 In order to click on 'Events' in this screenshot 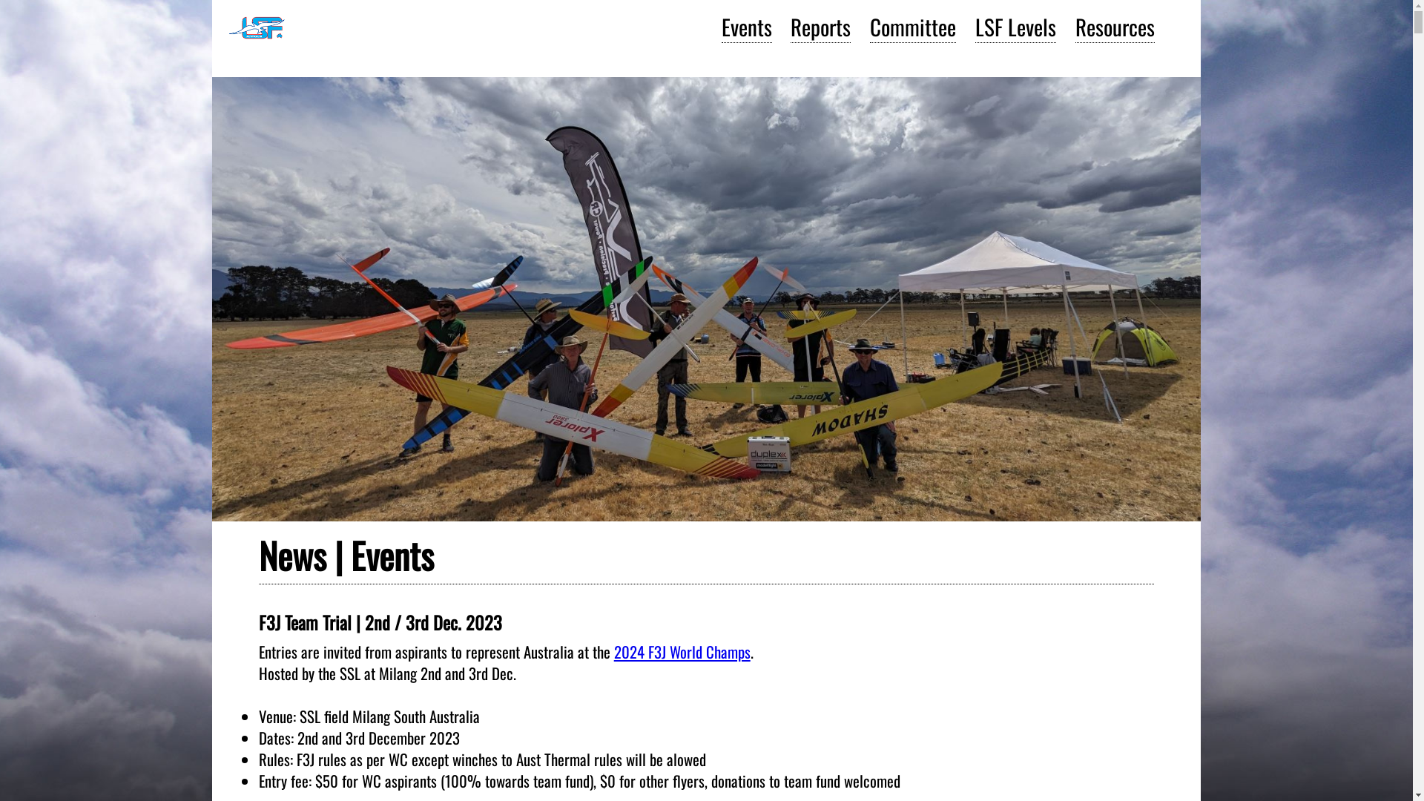, I will do `click(747, 26)`.